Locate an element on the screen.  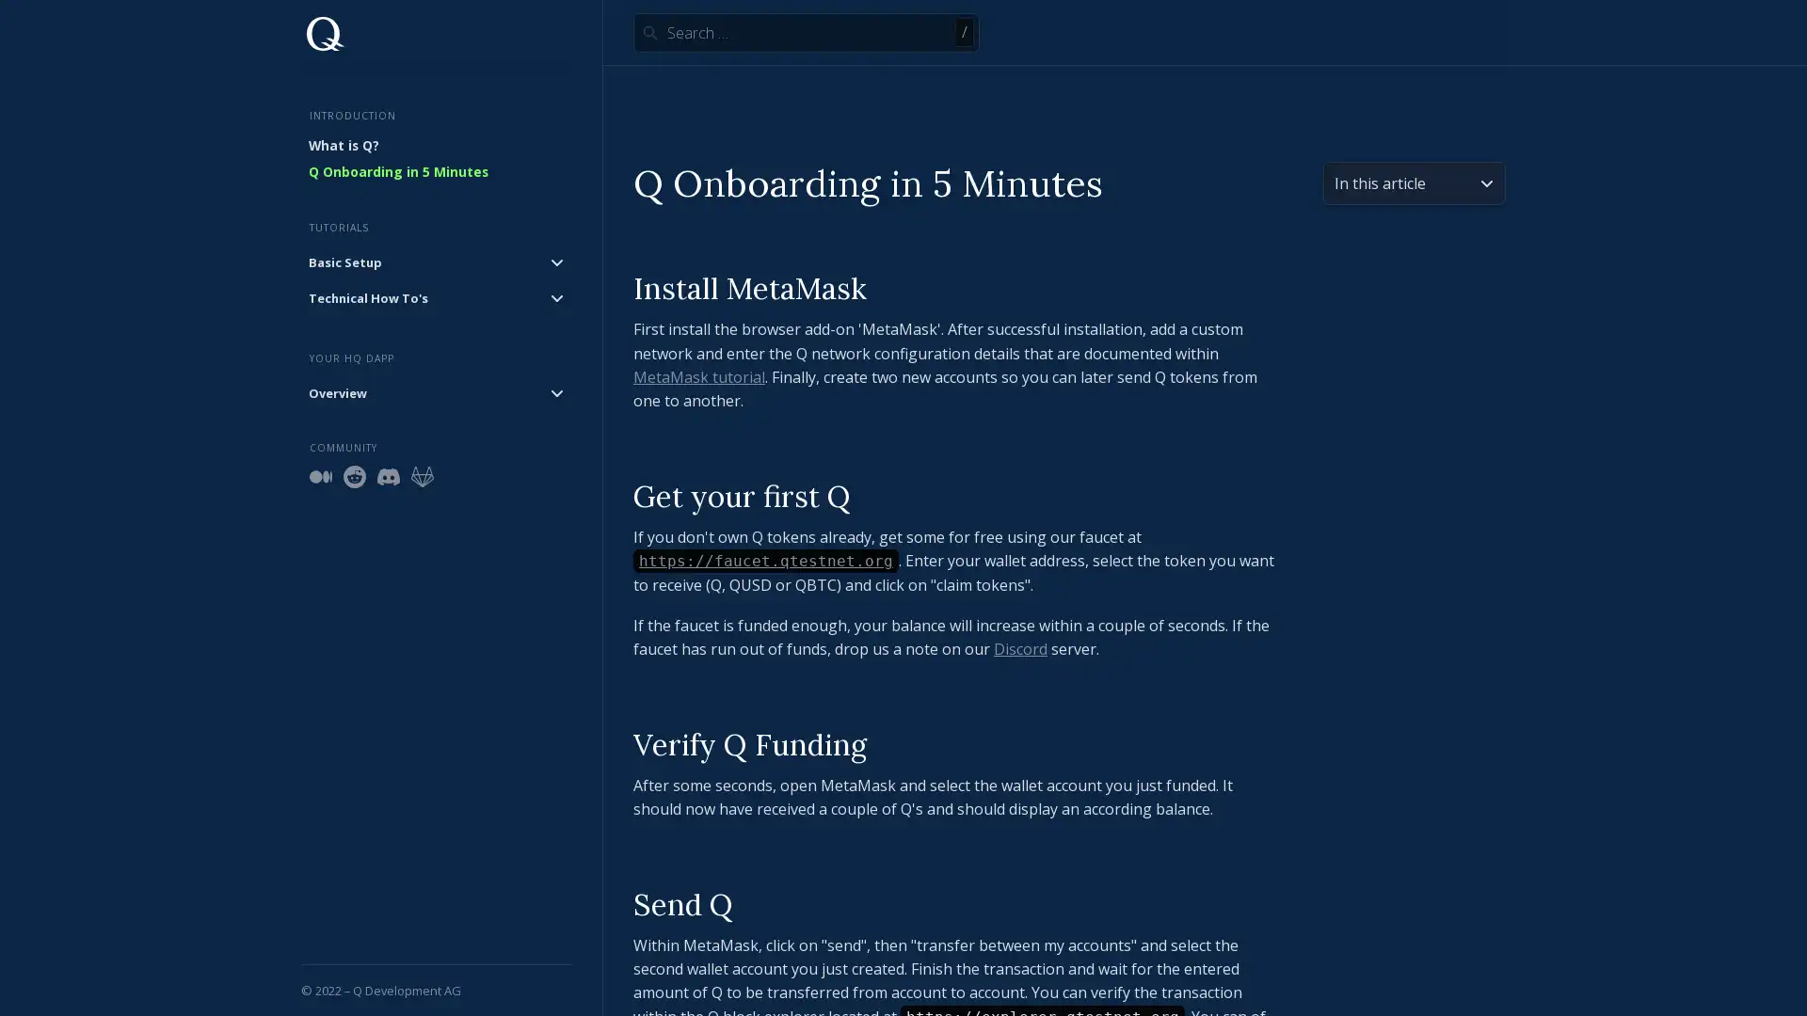
Submit is located at coordinates (649, 32).